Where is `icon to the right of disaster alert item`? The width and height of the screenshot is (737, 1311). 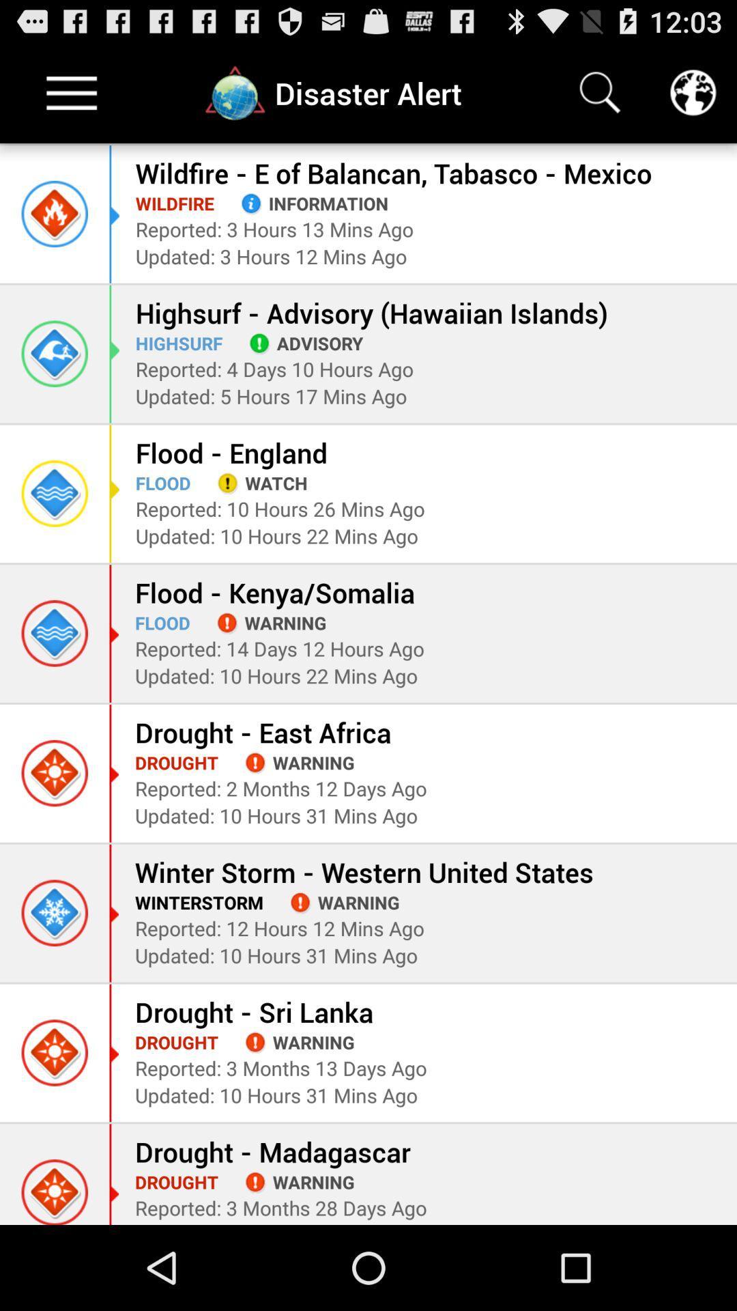 icon to the right of disaster alert item is located at coordinates (599, 92).